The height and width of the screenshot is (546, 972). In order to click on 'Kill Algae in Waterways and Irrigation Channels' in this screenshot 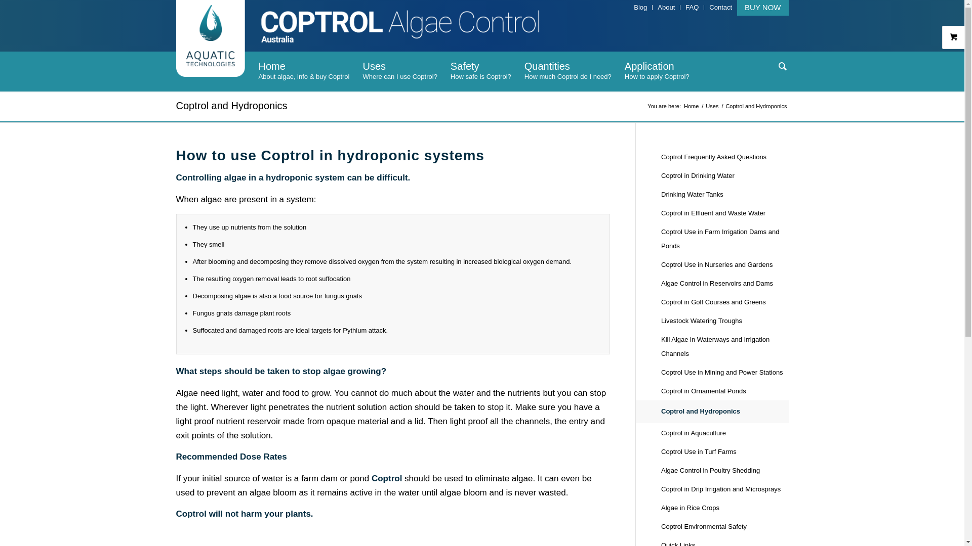, I will do `click(724, 346)`.